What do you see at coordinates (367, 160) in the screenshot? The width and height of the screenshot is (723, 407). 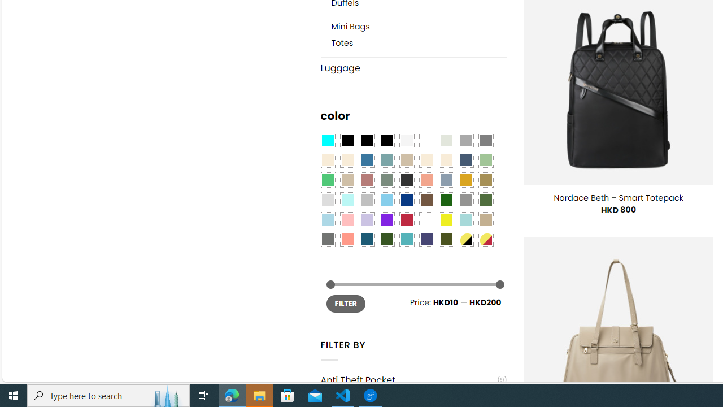 I see `'Blue'` at bounding box center [367, 160].